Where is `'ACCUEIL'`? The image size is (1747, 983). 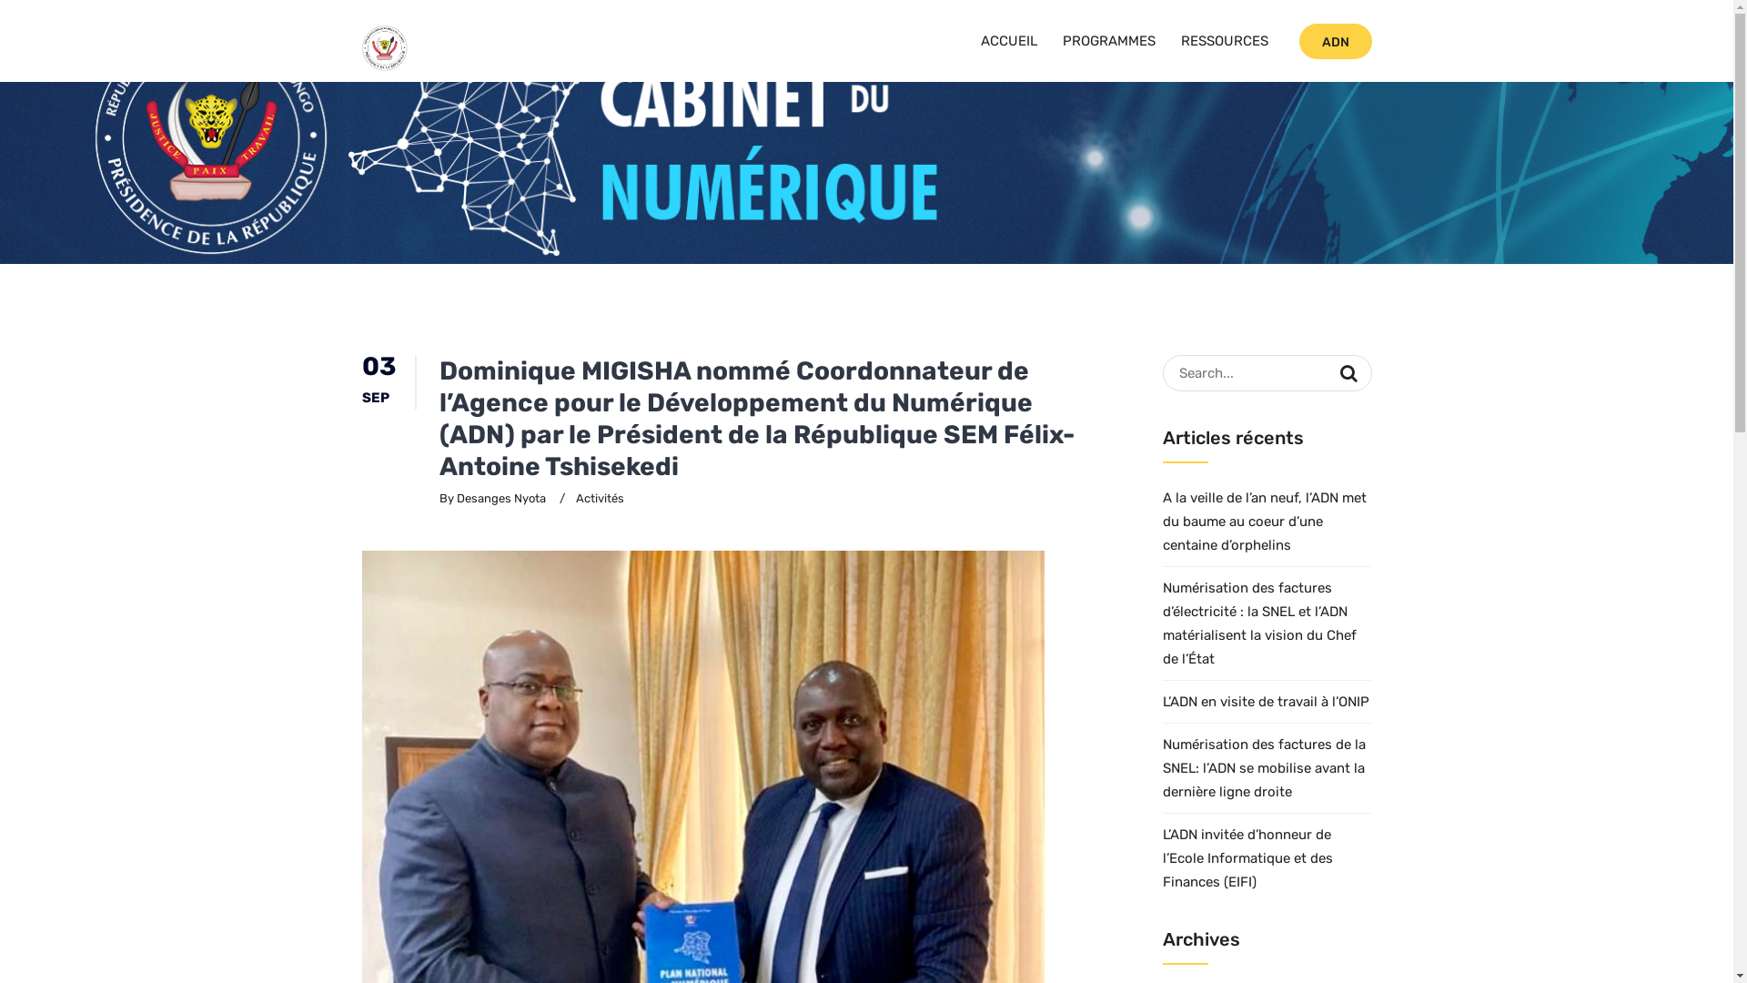 'ACCUEIL' is located at coordinates (1007, 41).